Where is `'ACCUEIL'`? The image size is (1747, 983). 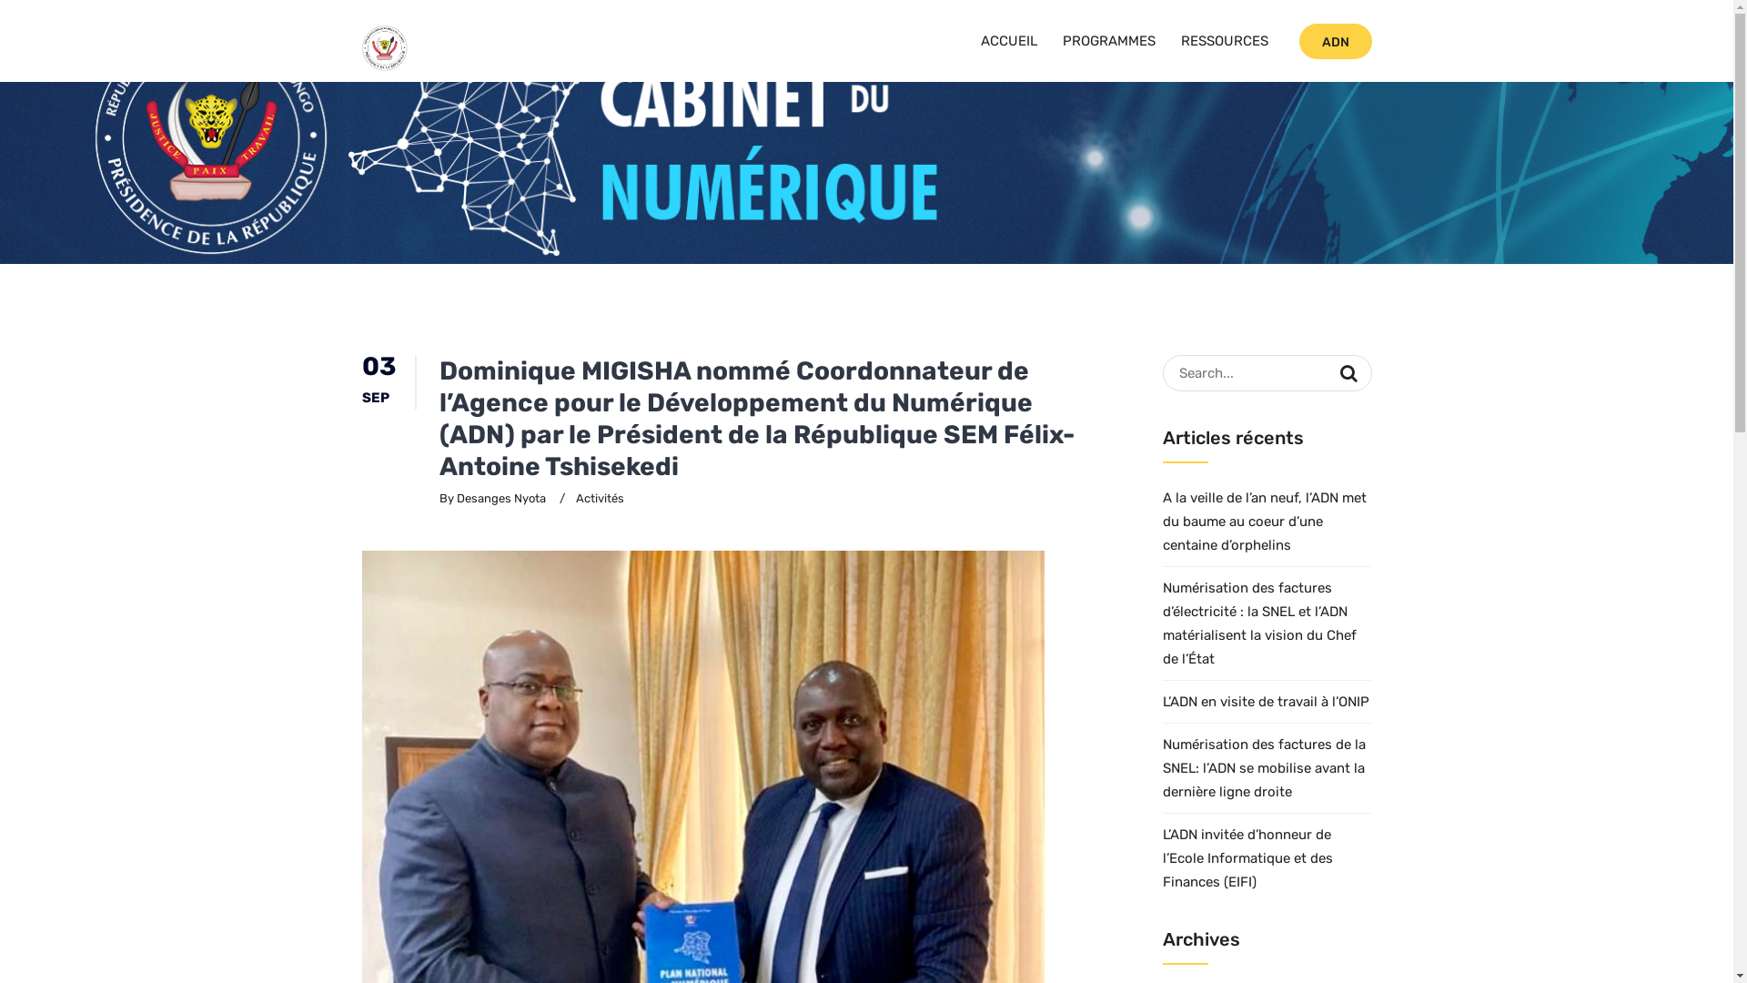 'ACCUEIL' is located at coordinates (1007, 41).